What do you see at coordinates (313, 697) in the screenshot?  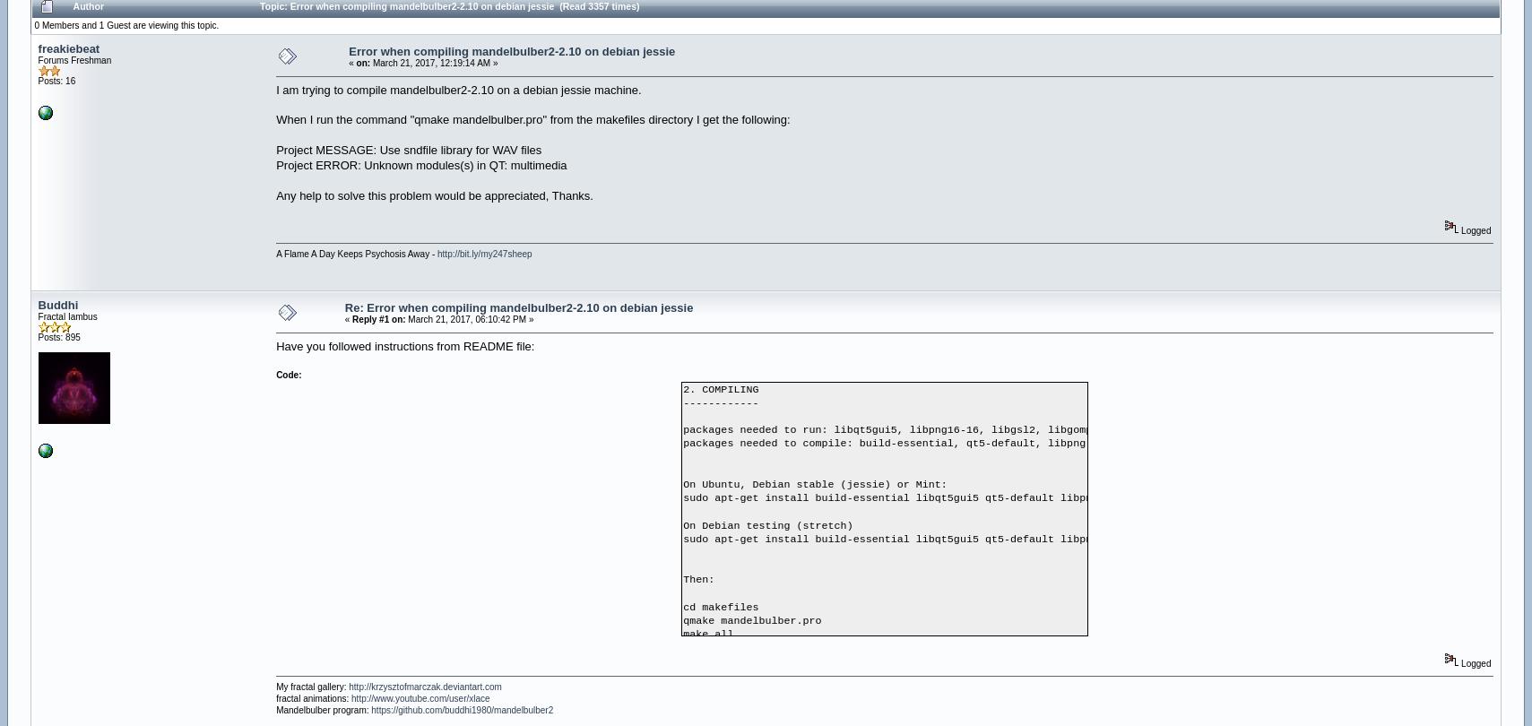 I see `'fractal animations:'` at bounding box center [313, 697].